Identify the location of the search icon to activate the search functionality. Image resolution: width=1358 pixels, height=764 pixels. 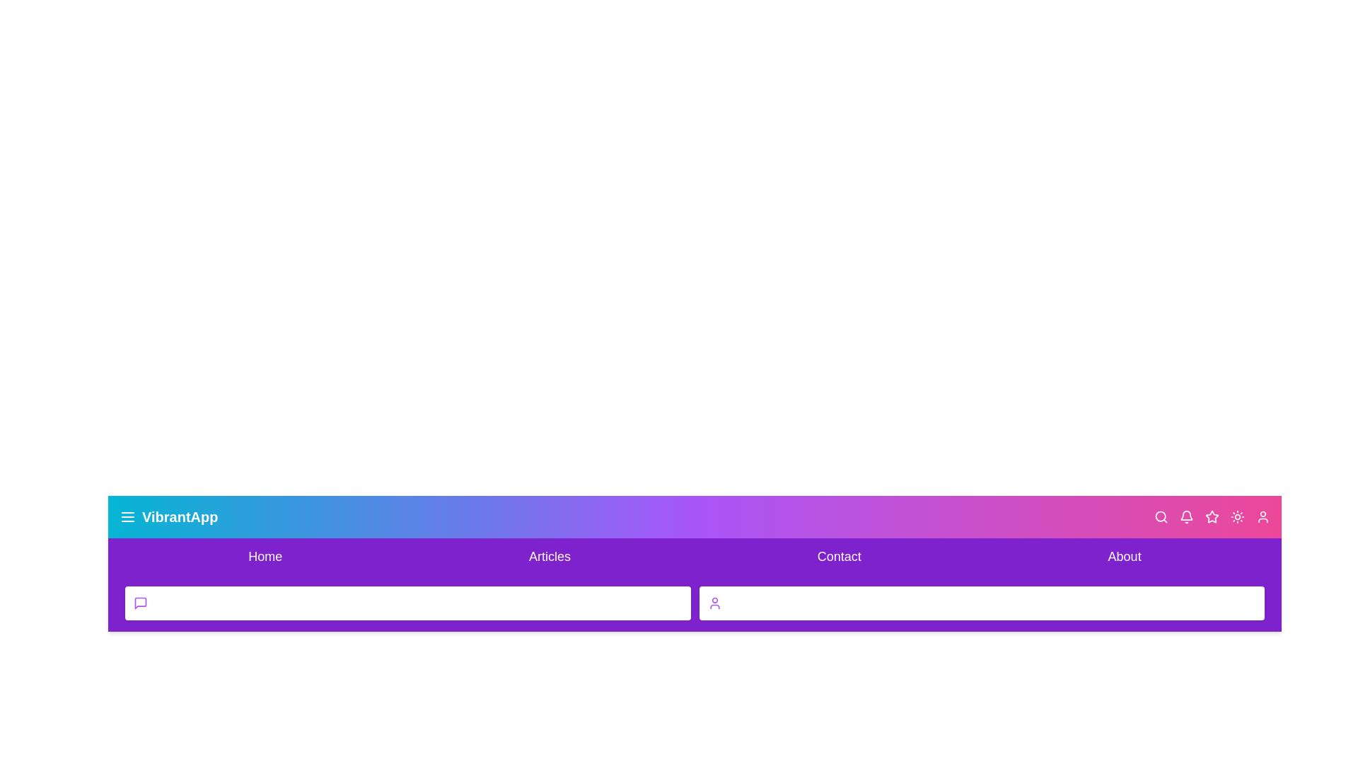
(1161, 517).